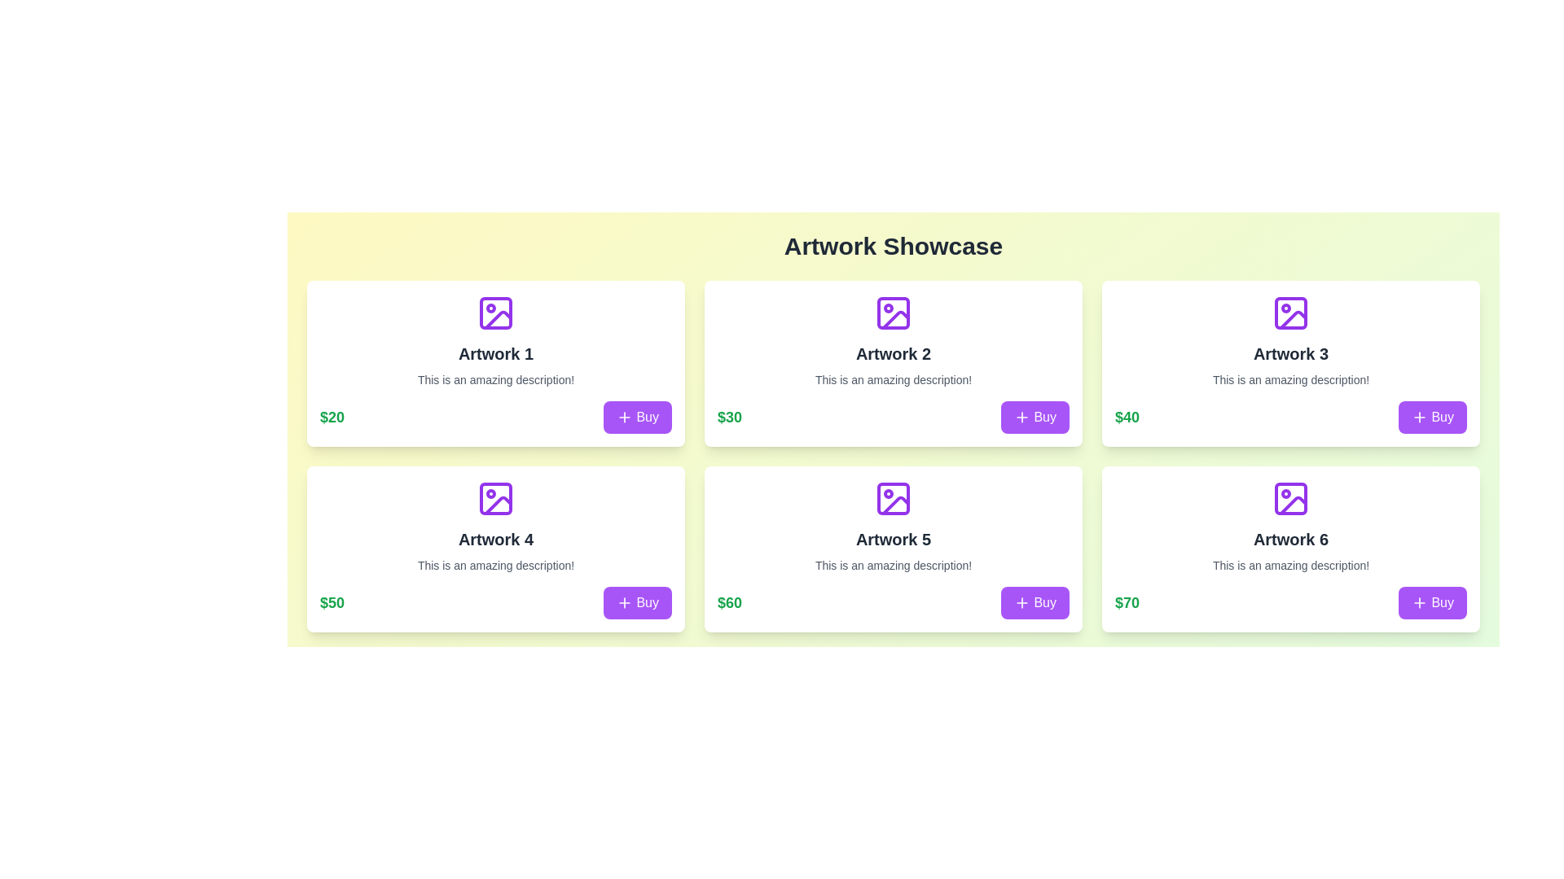  Describe the element at coordinates (495, 379) in the screenshot. I see `the text element located in the first card in the grid on the top-left, which is directly below 'Artwork 1' and above the price label '$20'` at that location.